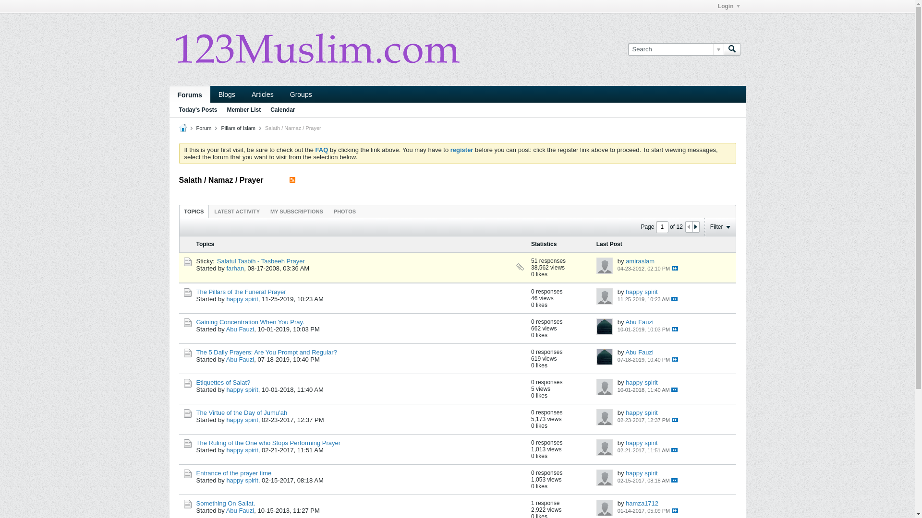 The height and width of the screenshot is (518, 922). What do you see at coordinates (197, 109) in the screenshot?
I see `'Today's Posts'` at bounding box center [197, 109].